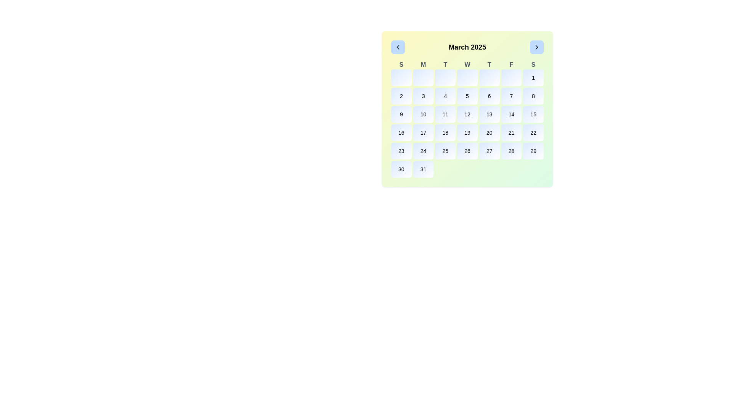 This screenshot has width=732, height=412. I want to click on the center of the interactive grid of buttons, so click(467, 123).